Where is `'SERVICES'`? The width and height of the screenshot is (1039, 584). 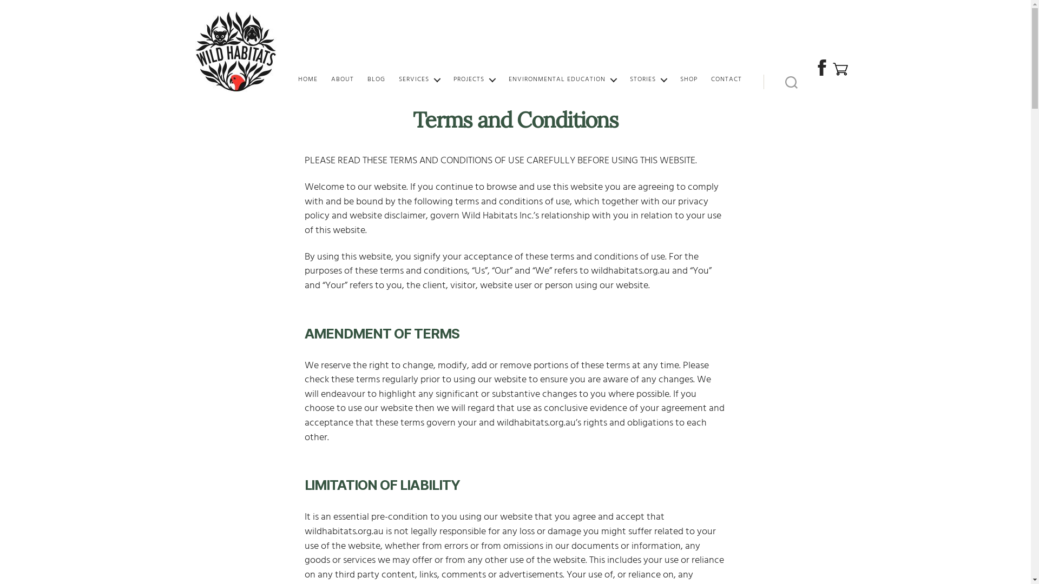
'SERVICES' is located at coordinates (418, 78).